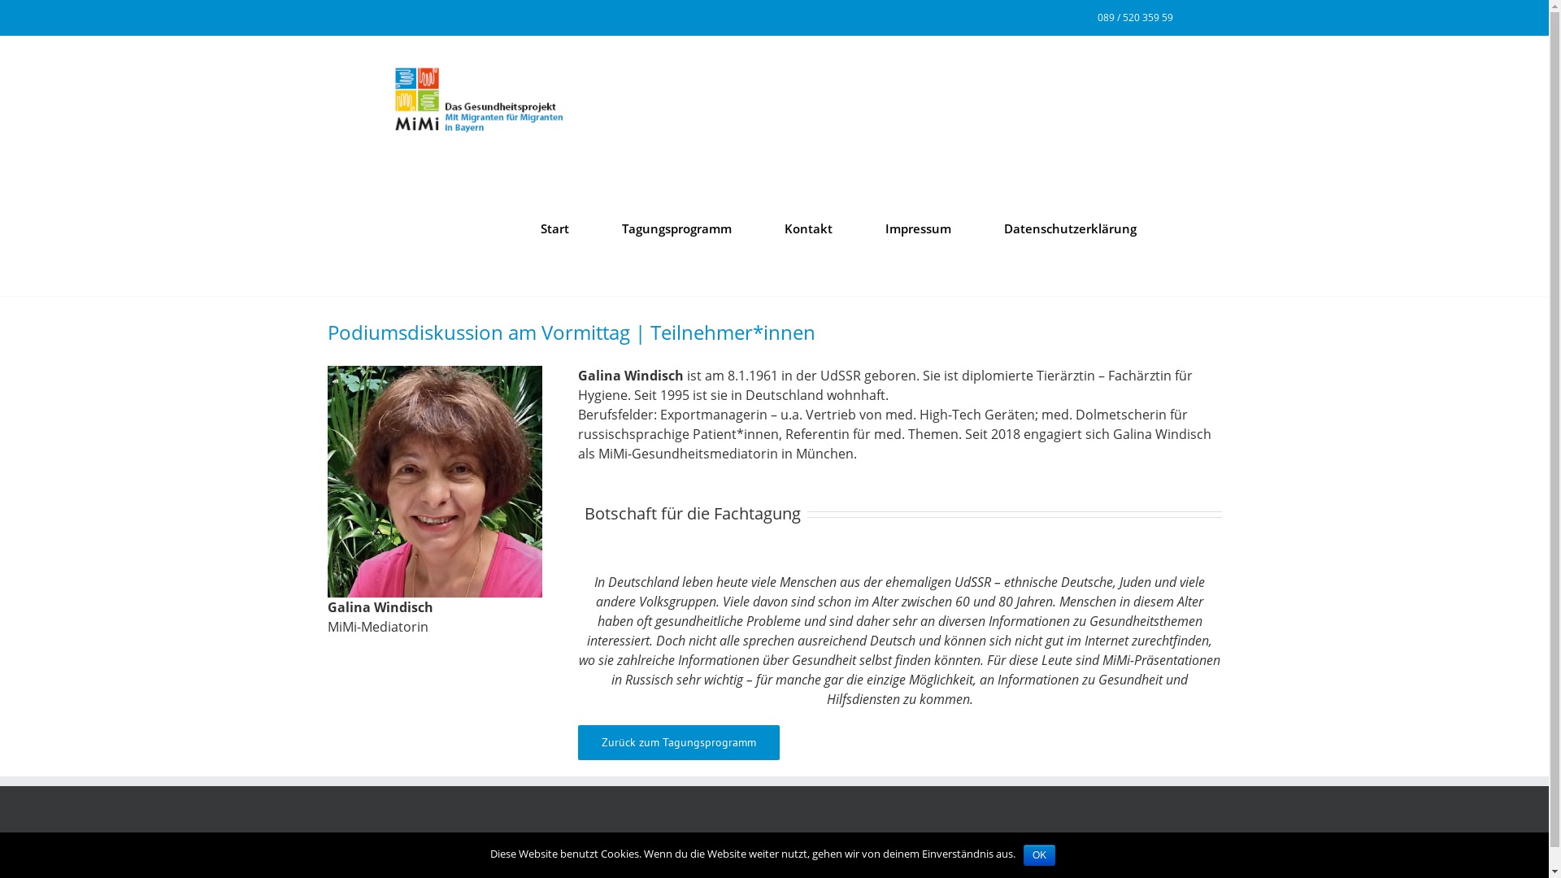  I want to click on 'Impressum', so click(917, 228).